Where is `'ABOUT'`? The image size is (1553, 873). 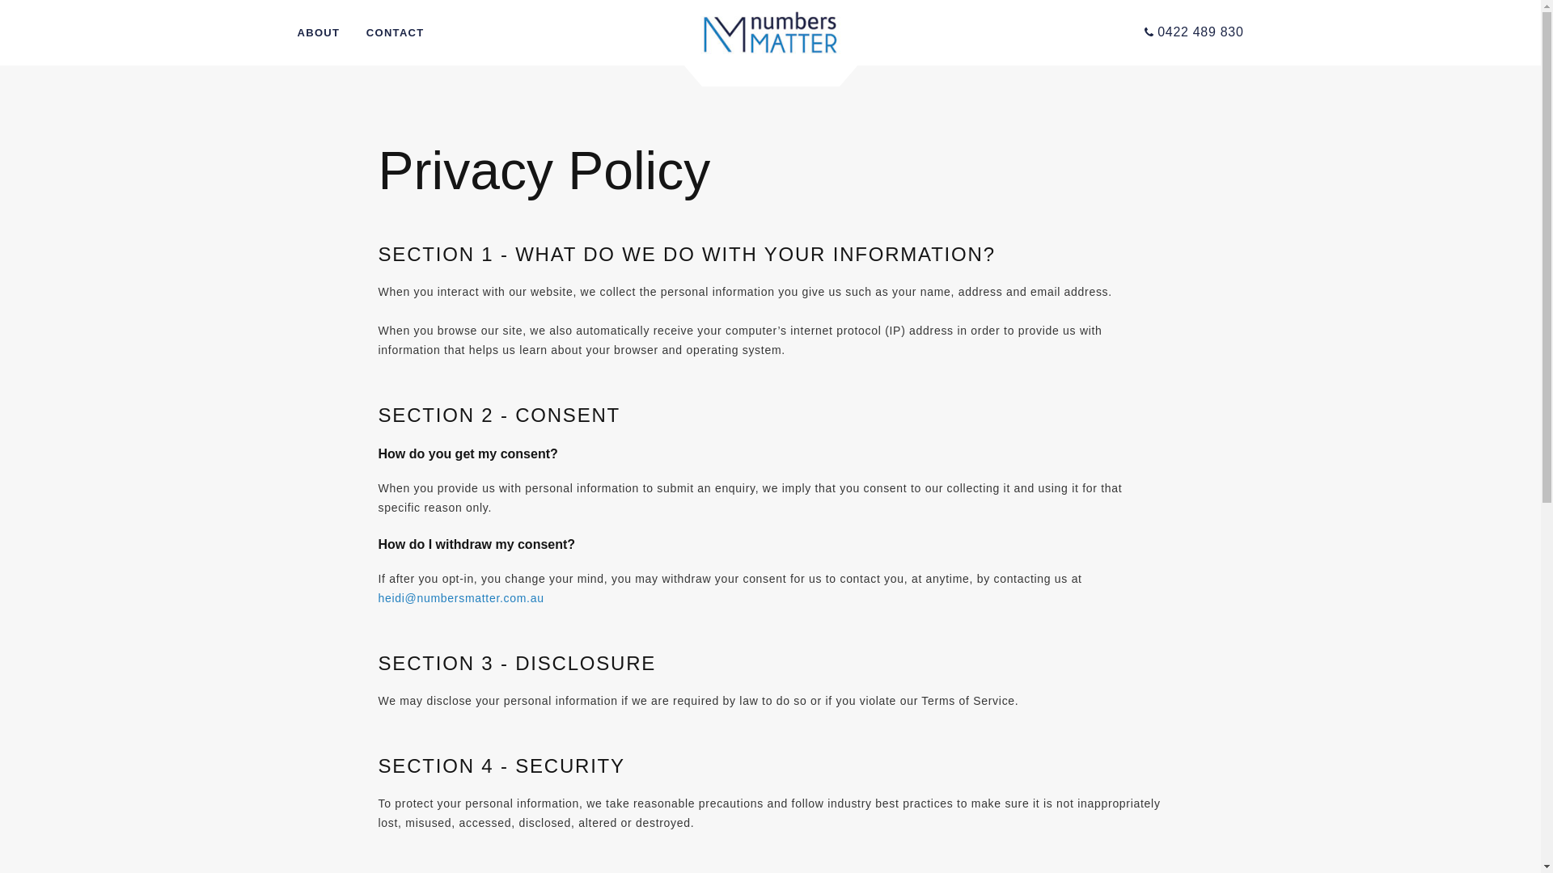 'ABOUT' is located at coordinates (319, 33).